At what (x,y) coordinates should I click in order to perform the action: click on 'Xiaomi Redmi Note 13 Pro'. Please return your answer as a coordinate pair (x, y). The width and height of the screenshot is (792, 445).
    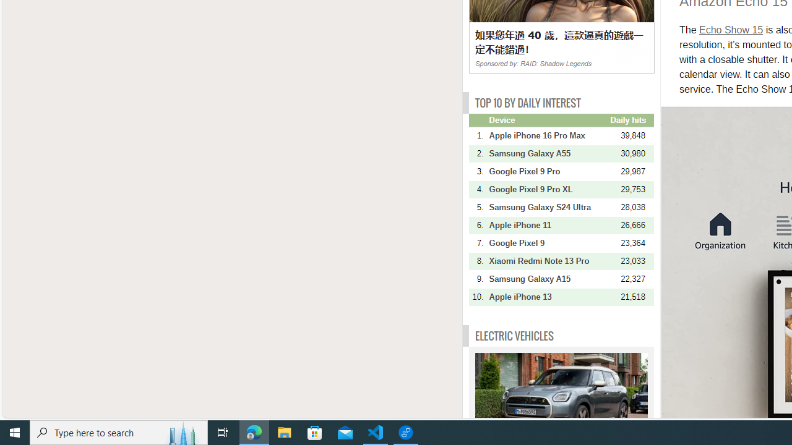
    Looking at the image, I should click on (548, 260).